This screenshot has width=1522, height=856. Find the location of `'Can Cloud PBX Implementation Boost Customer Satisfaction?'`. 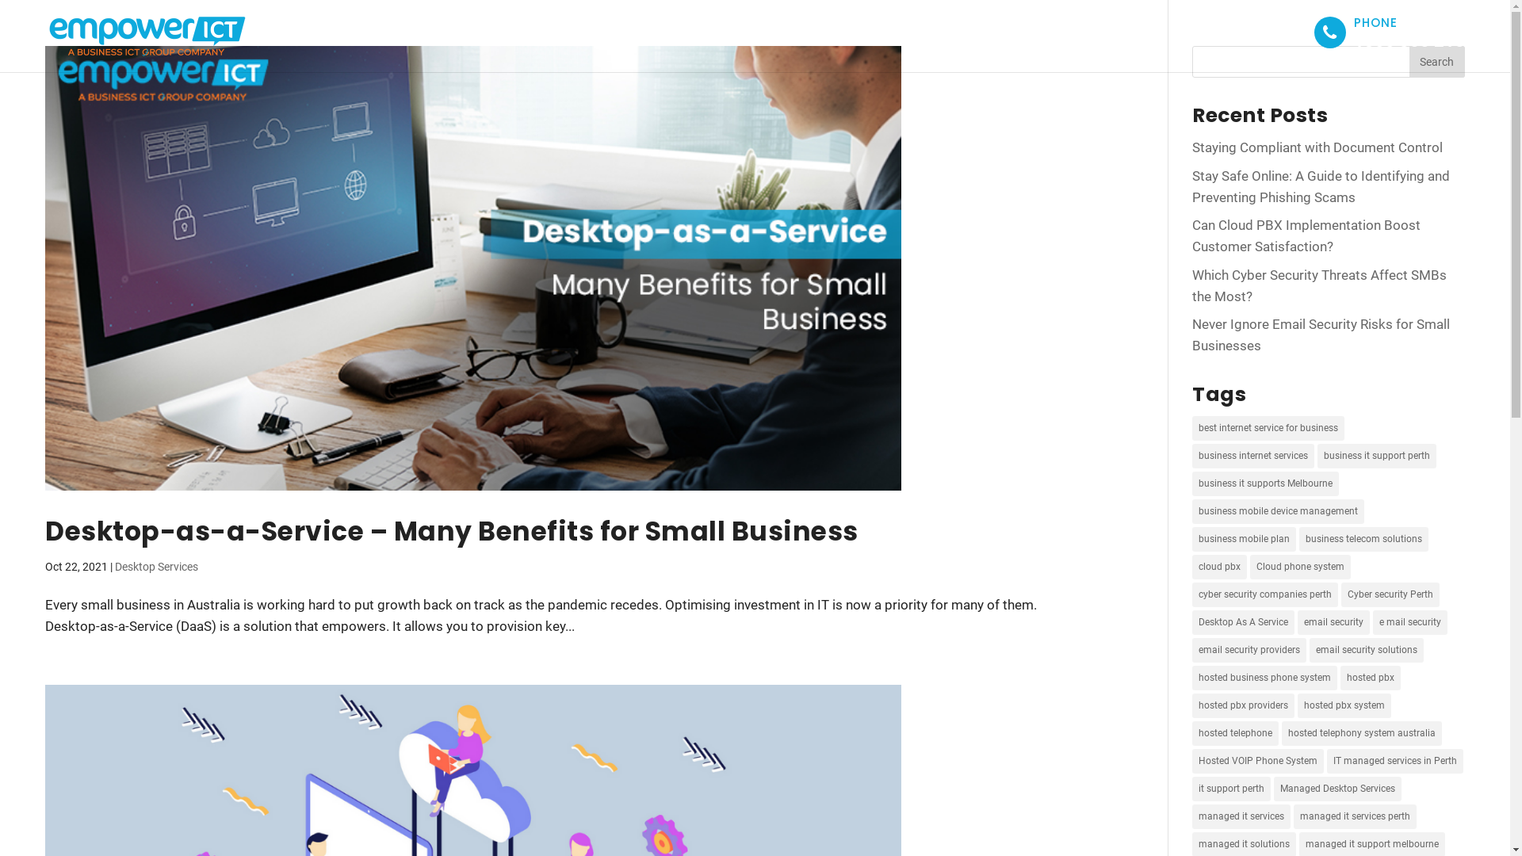

'Can Cloud PBX Implementation Boost Customer Satisfaction?' is located at coordinates (1191, 235).